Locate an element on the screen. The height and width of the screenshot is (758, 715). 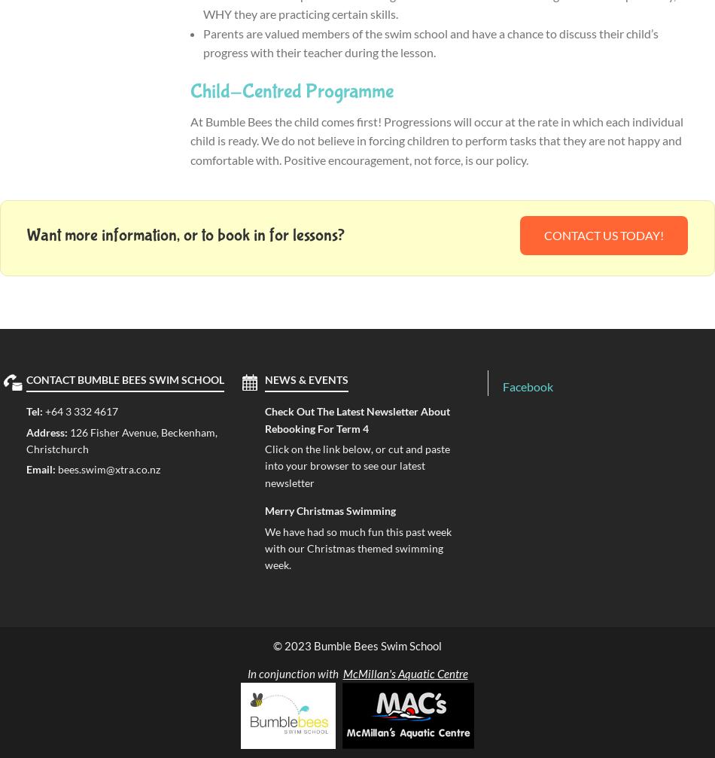
'We have had so much fun this past week with our Christmas themed swimming week.' is located at coordinates (357, 546).